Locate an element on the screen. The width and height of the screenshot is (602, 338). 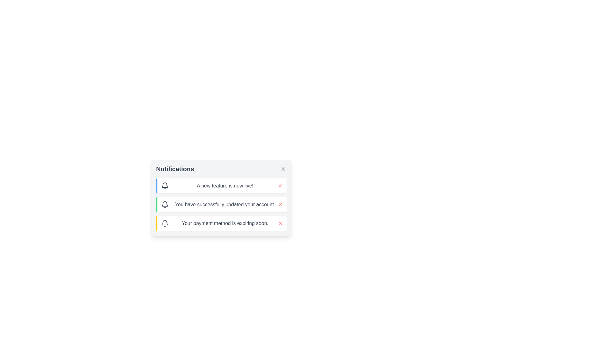
the Close button located at the top-right corner of the alert box labeled 'A new feature is now live!' to check for a tooltip or state change is located at coordinates (280, 186).